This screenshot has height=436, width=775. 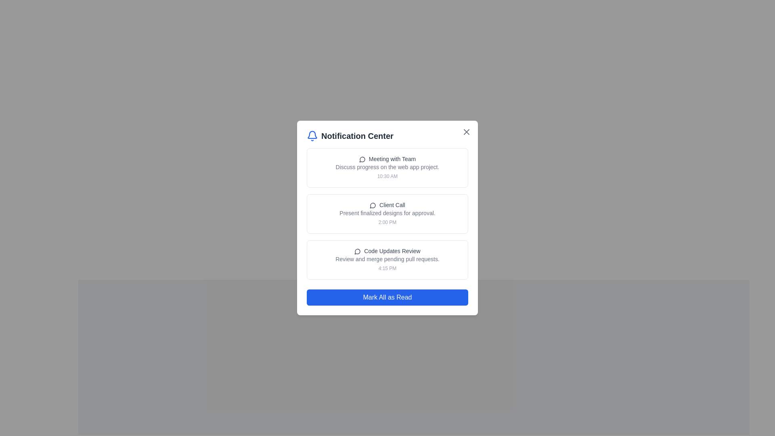 I want to click on the speech bubble styled icon indicating communication or interaction within the 'Meeting with Team' notification card, positioned to the left of the main text, so click(x=362, y=159).